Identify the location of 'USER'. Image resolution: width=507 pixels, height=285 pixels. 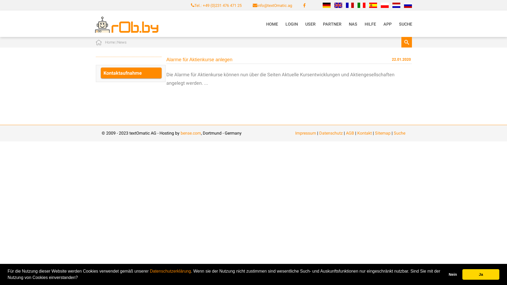
(310, 24).